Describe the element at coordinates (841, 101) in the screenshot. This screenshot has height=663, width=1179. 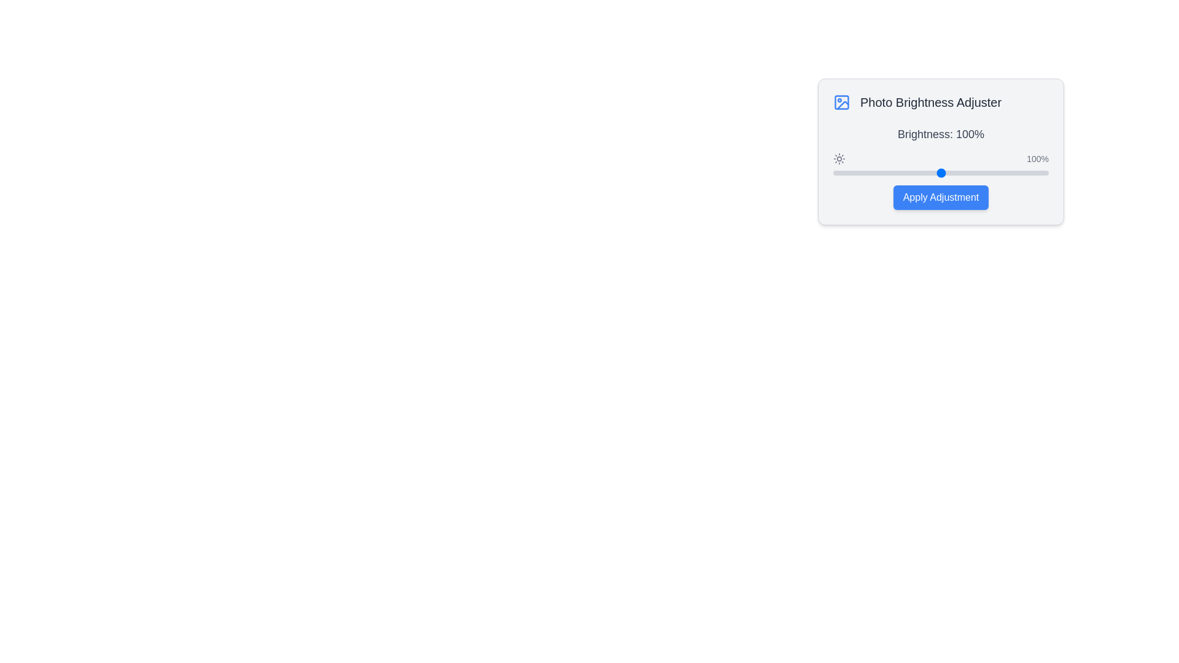
I see `icon at the top-left corner of the component` at that location.